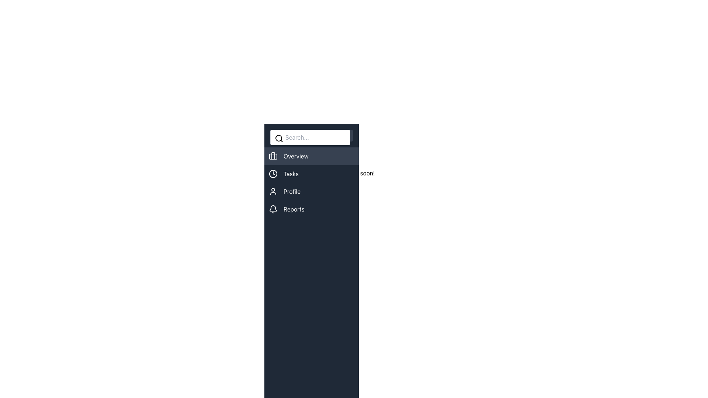  What do you see at coordinates (294, 209) in the screenshot?
I see `the 'Reports' text label, which is displayed in white font against a dark blue background, located` at bounding box center [294, 209].